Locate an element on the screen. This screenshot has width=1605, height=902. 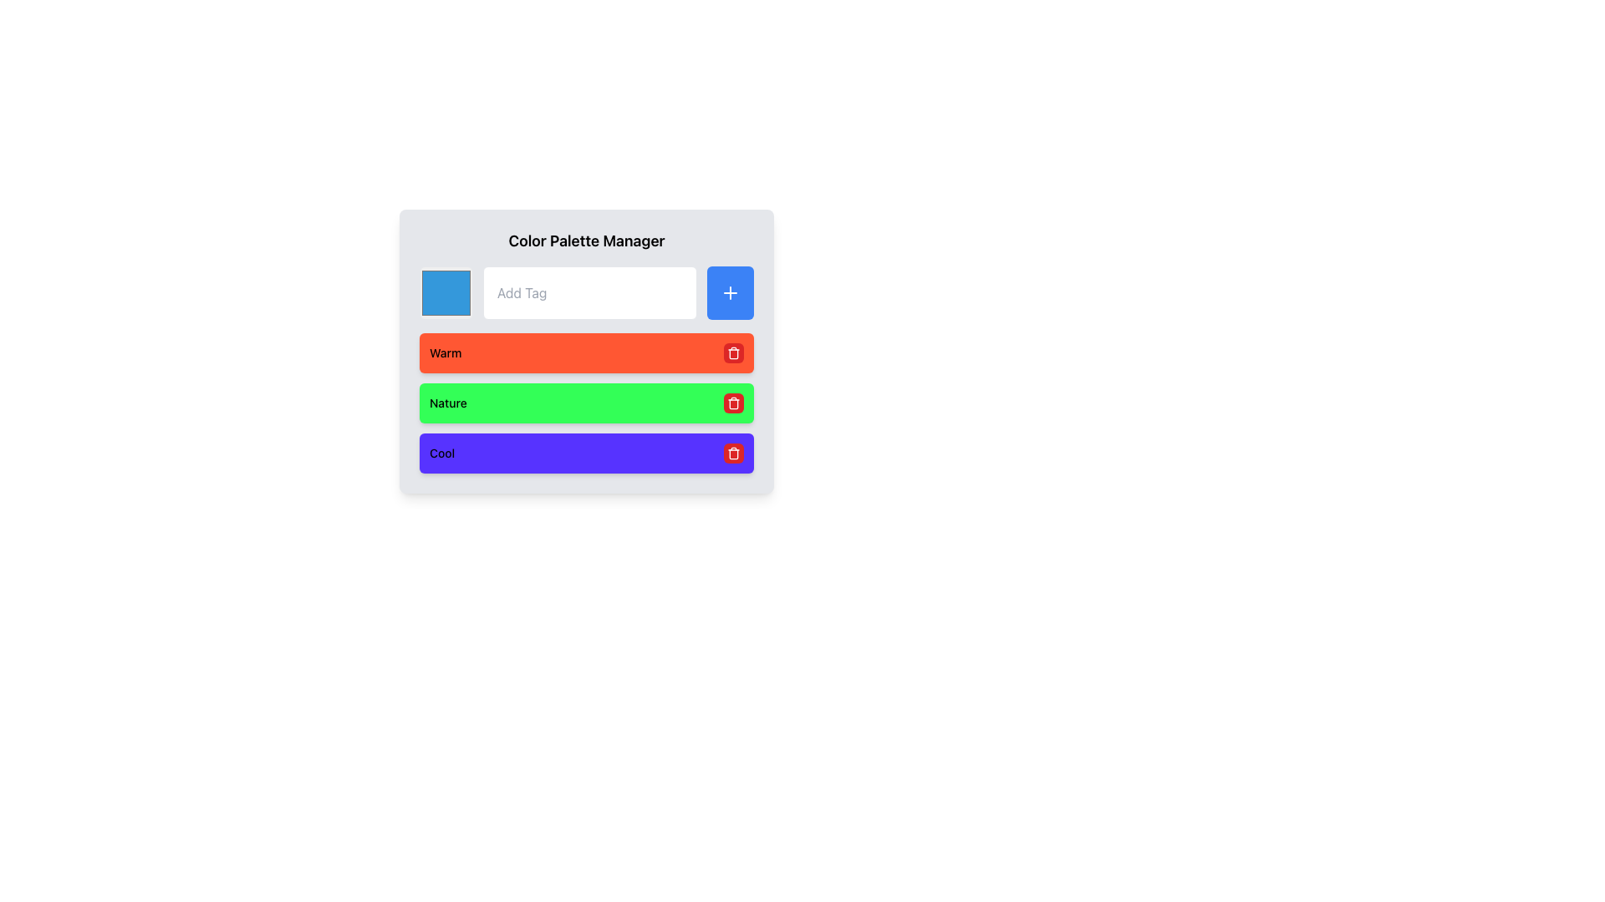
the red circular button with a white trash can icon located at the bottom-most item of the 'Cool' section is located at coordinates (734, 454).